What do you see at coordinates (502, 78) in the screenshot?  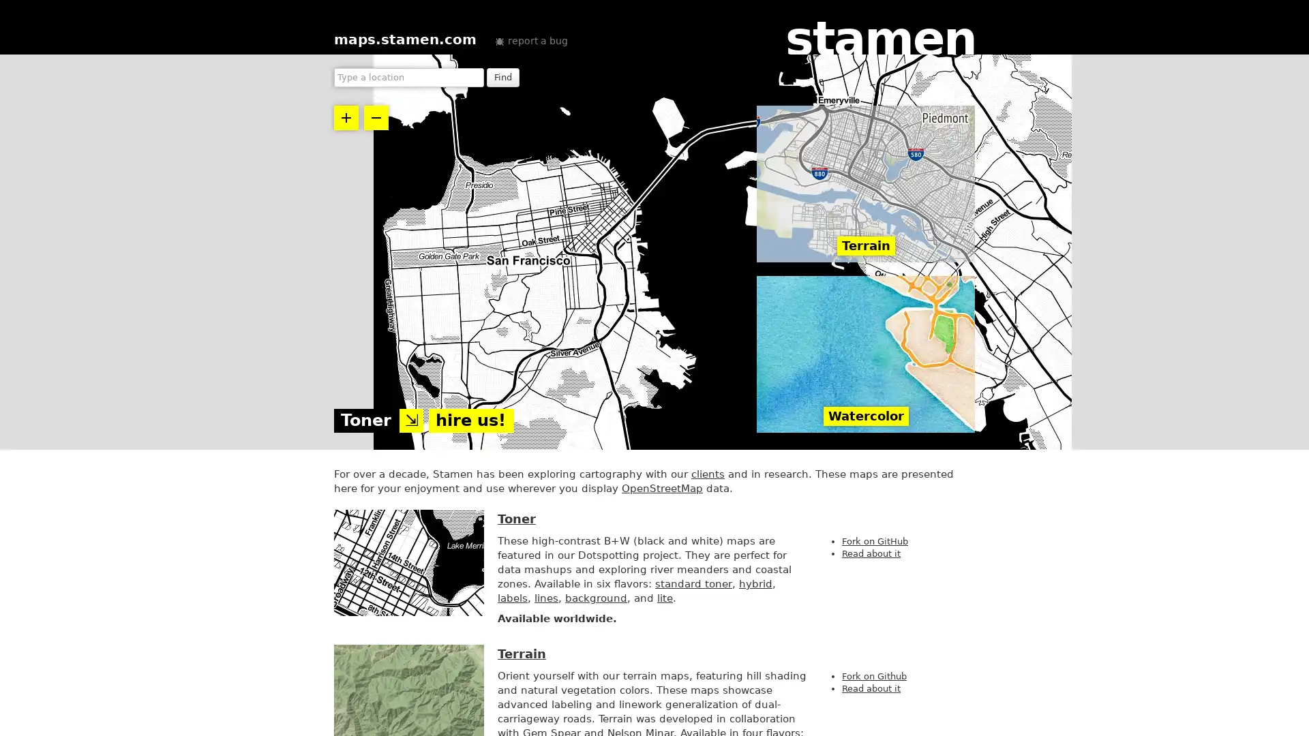 I see `Find` at bounding box center [502, 78].